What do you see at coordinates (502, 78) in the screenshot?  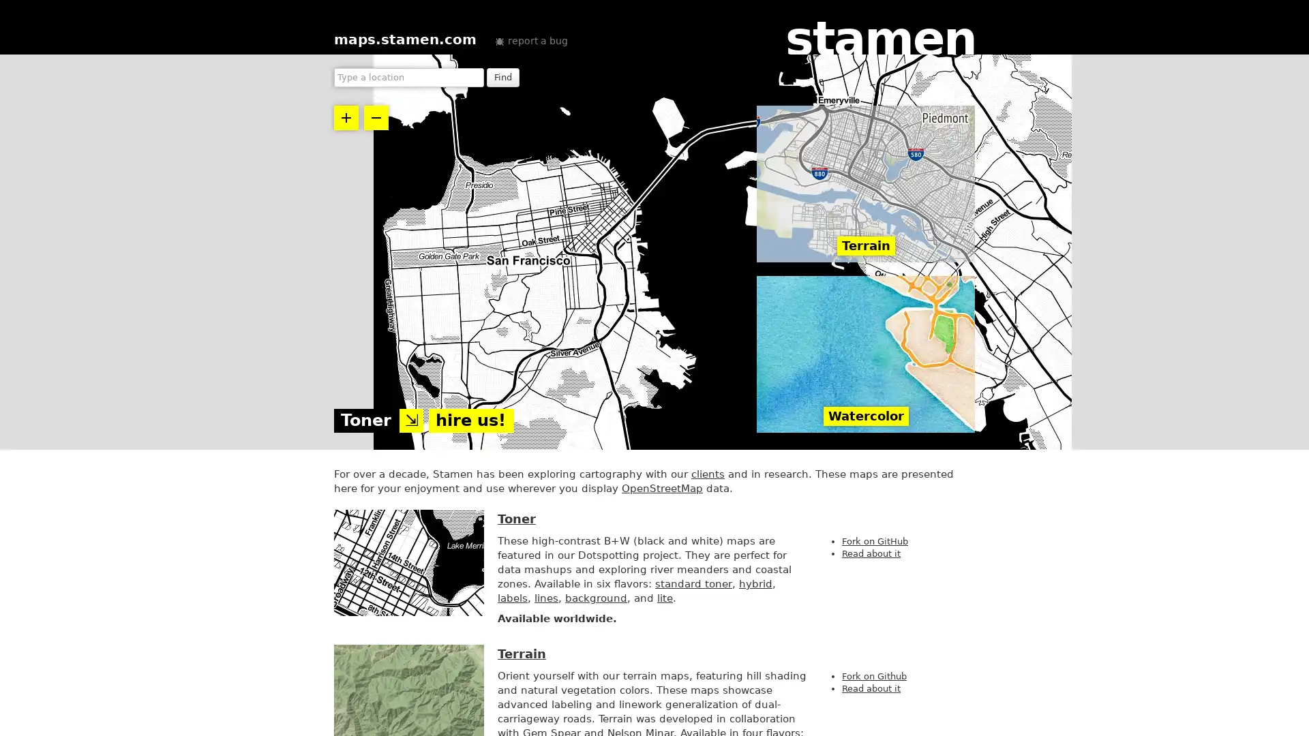 I see `Find` at bounding box center [502, 78].